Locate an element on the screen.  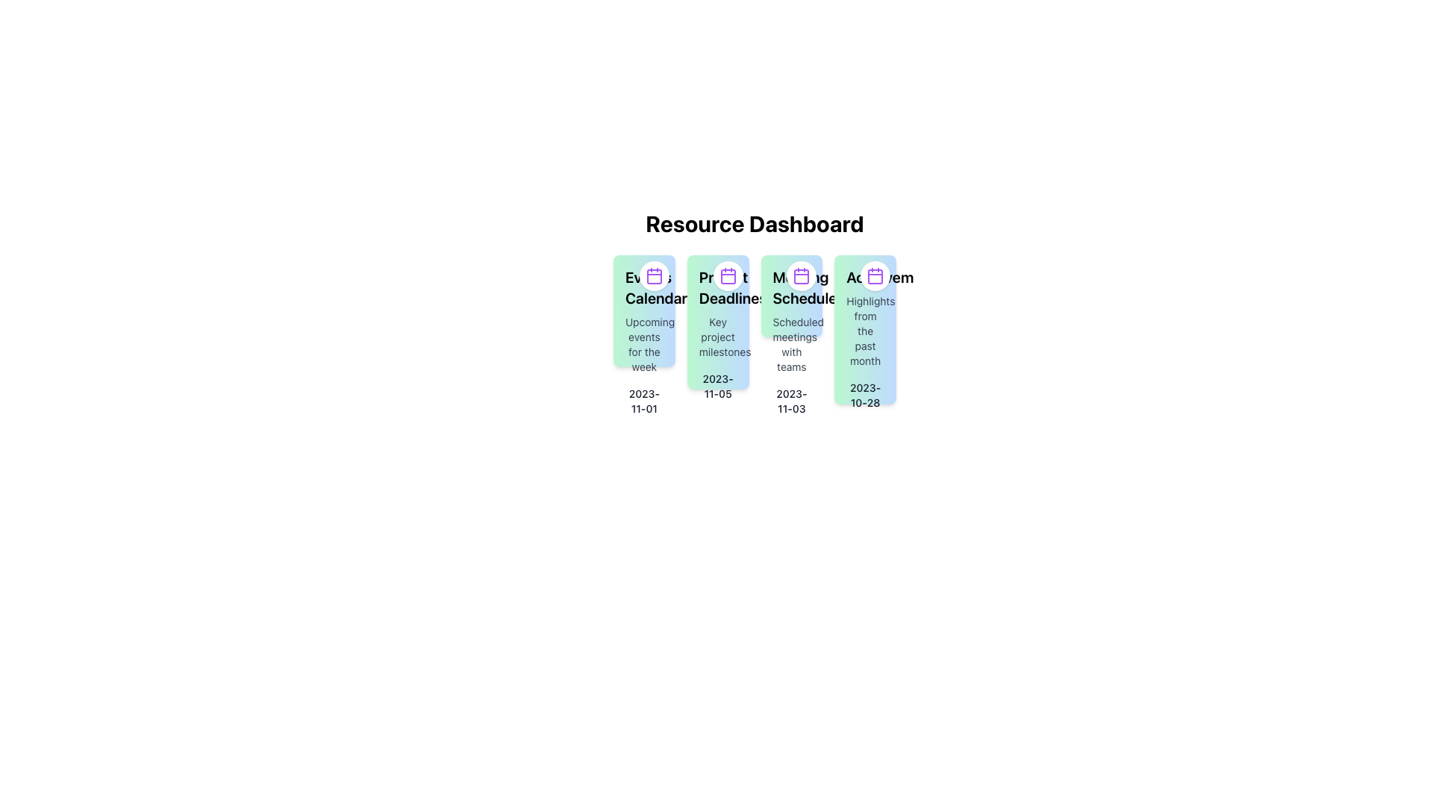
the bold heading text label 'Resource Dashboard' which is prominently displayed at the top of the content section is located at coordinates (755, 224).